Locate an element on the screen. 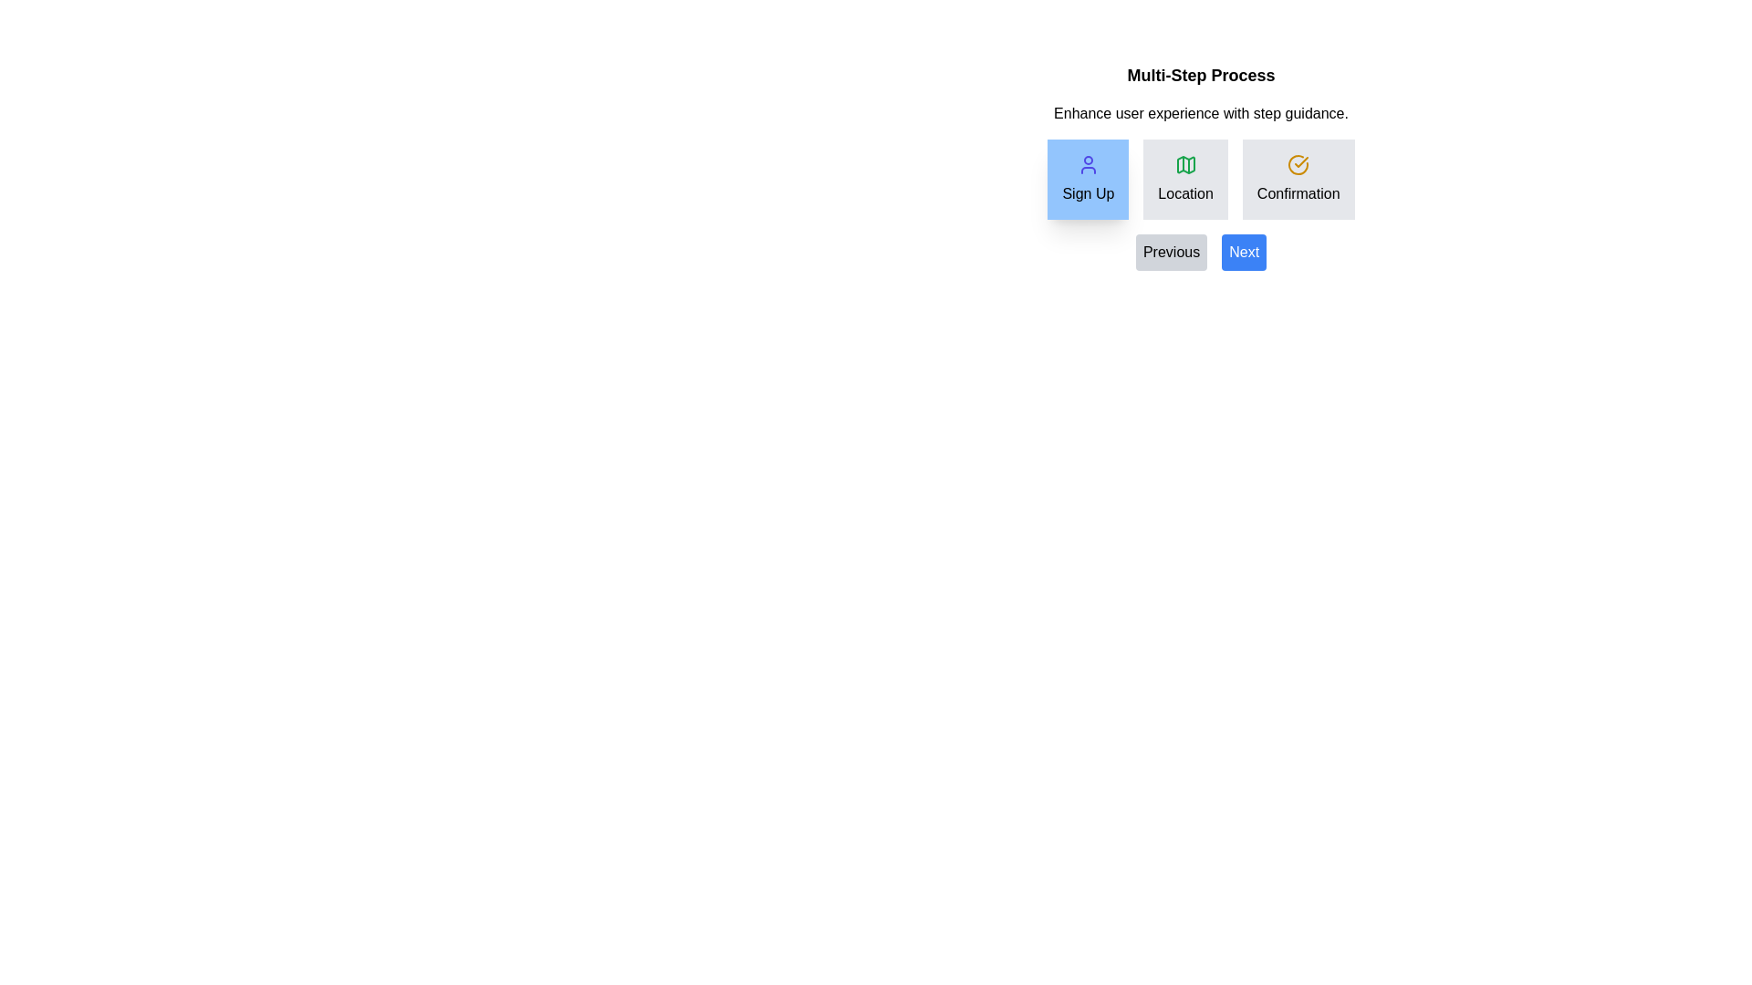 The image size is (1752, 985). the confirmation button, which is the third button from the left in a row of three buttons, featuring a yellow circular checkmark icon above the text 'Confirmation' is located at coordinates (1298, 179).